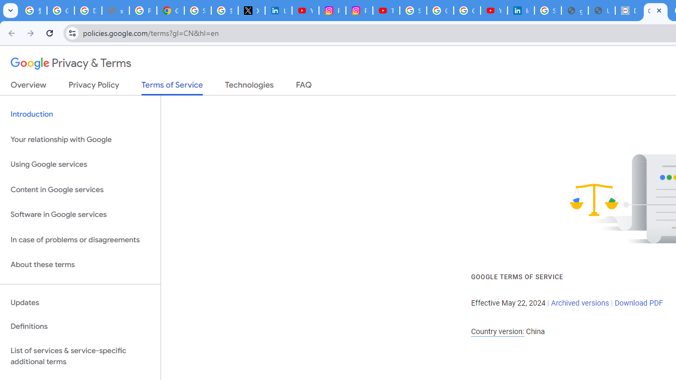 Image resolution: width=676 pixels, height=380 pixels. I want to click on 'In case of problems or disagreements', so click(80, 240).